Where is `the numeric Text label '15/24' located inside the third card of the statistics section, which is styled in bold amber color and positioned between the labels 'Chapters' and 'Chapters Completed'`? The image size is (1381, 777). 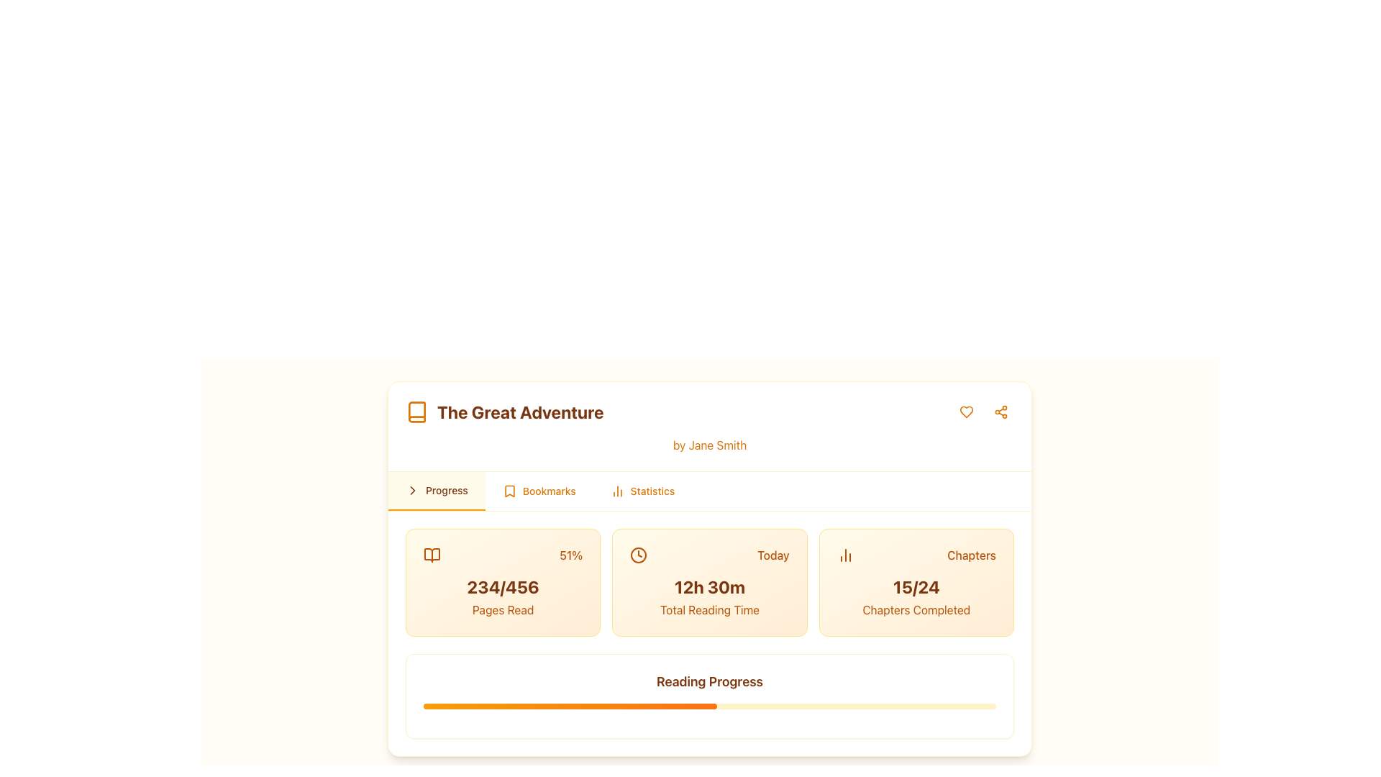
the numeric Text label '15/24' located inside the third card of the statistics section, which is styled in bold amber color and positioned between the labels 'Chapters' and 'Chapters Completed' is located at coordinates (916, 587).